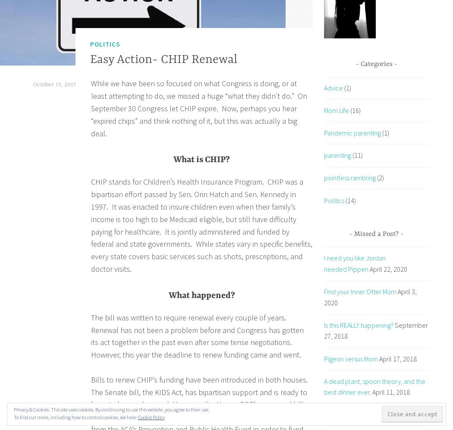  I want to click on '(11)', so click(356, 155).